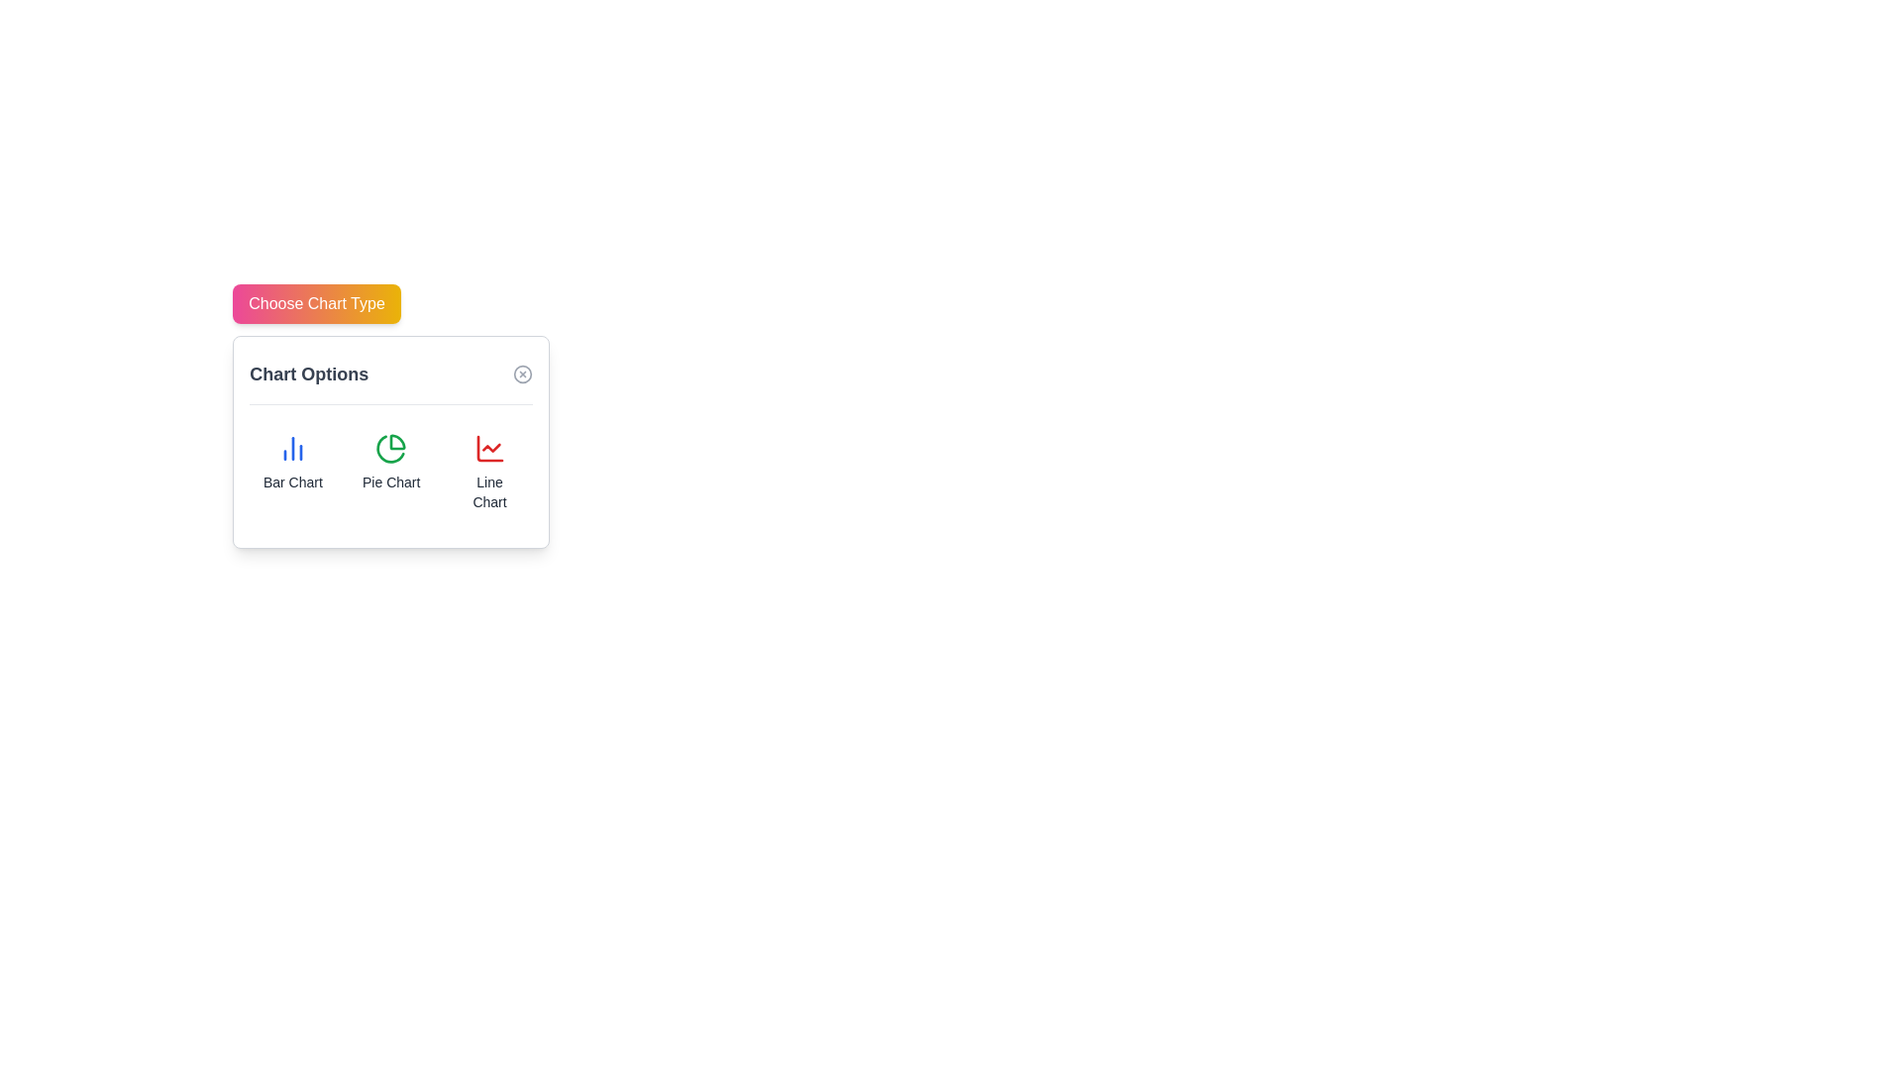 This screenshot has width=1902, height=1070. I want to click on the 'Line Chart' text label located beneath the red line chart icon in the 'Chart Options' panel, so click(489, 491).